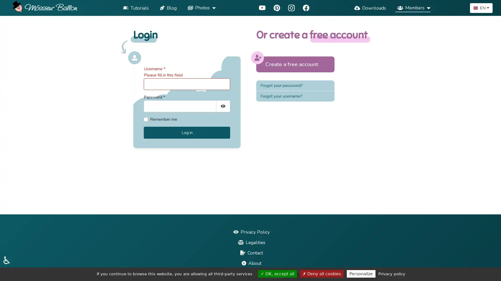 The image size is (501, 281). Describe the element at coordinates (223, 106) in the screenshot. I see `Show Password` at that location.